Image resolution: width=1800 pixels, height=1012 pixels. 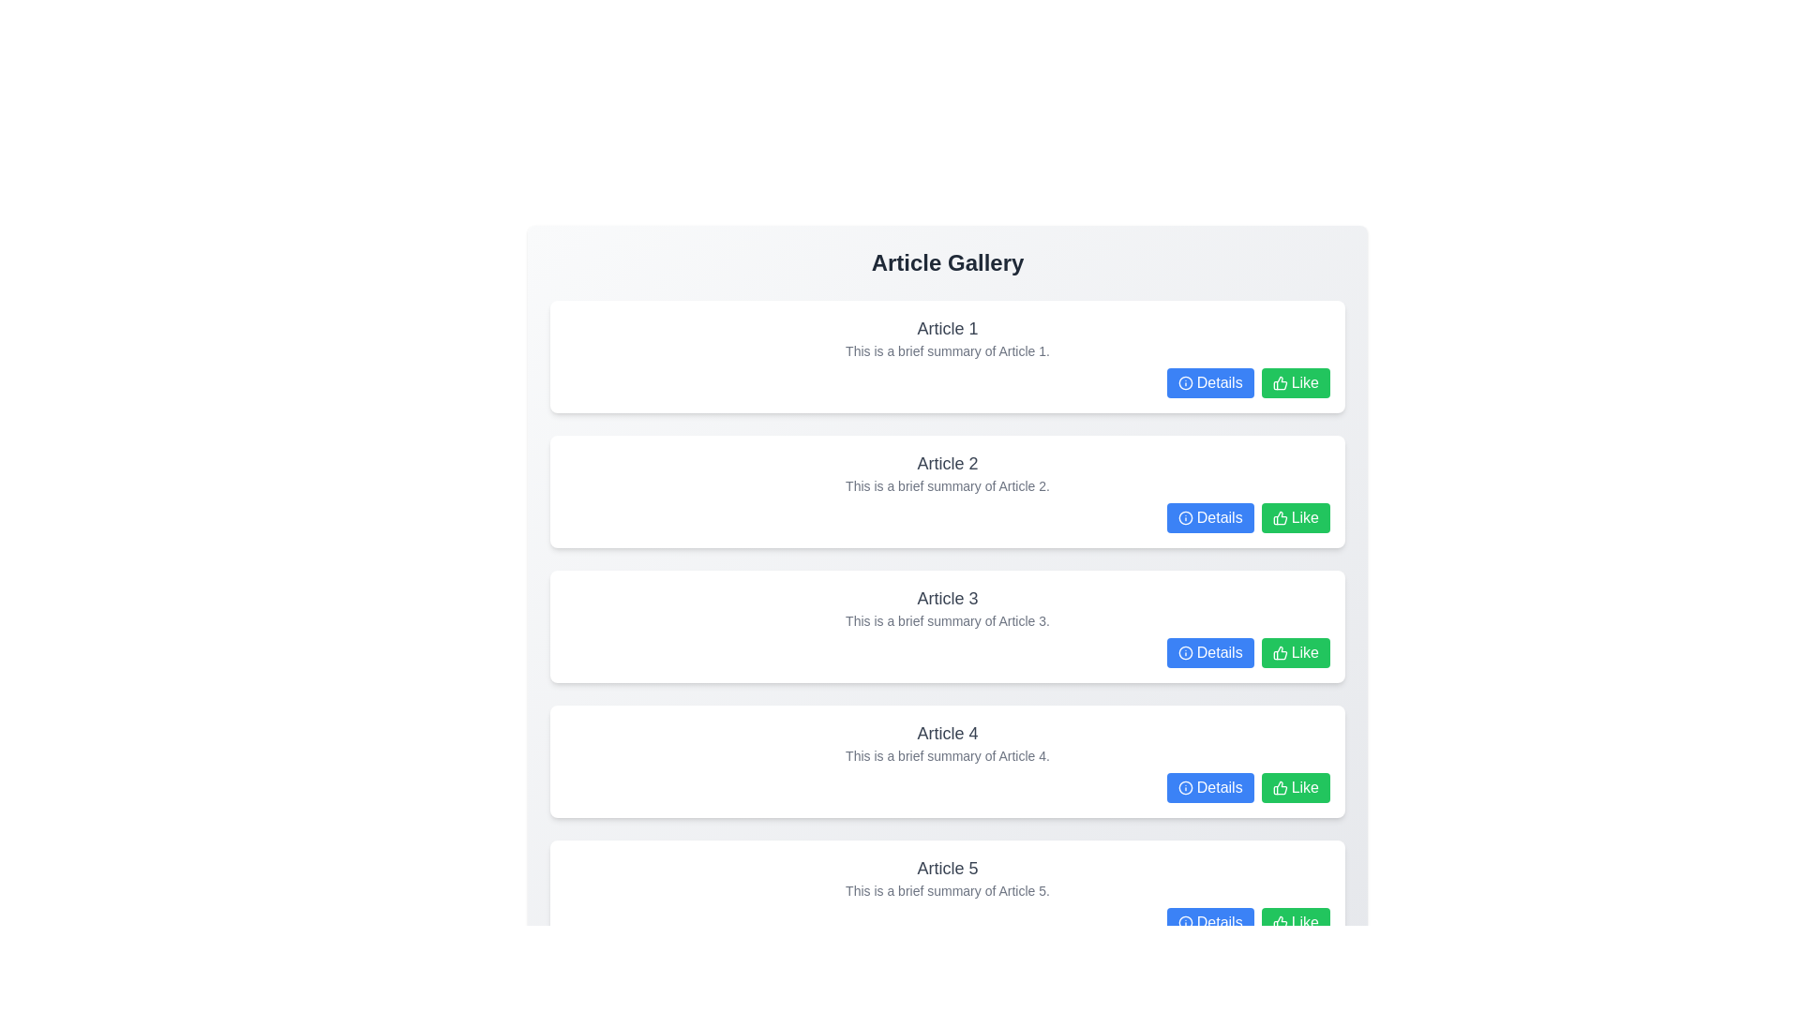 I want to click on text content of the title label located at the top of the first article card, positioned above the summary text and to the left of the 'Details' and 'Like' buttons, so click(x=948, y=328).